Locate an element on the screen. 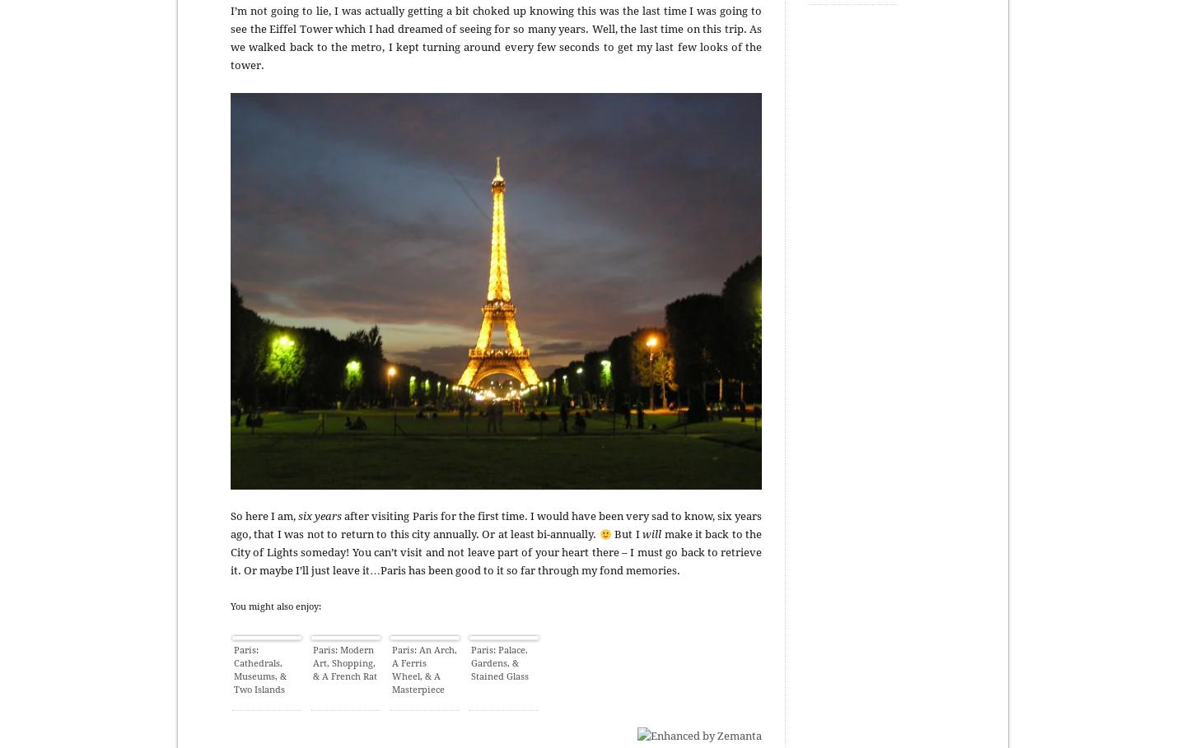  'I’m not going to lie, I was actually getting a bit choked up knowing this was the last time I was going to see the Eiffel Tower which I had dreamed of seeing for so many years. Well, the last time on this trip. As we walked back to the metro, I kept turning around every few seconds to get my last few looks of the tower.' is located at coordinates (495, 38).